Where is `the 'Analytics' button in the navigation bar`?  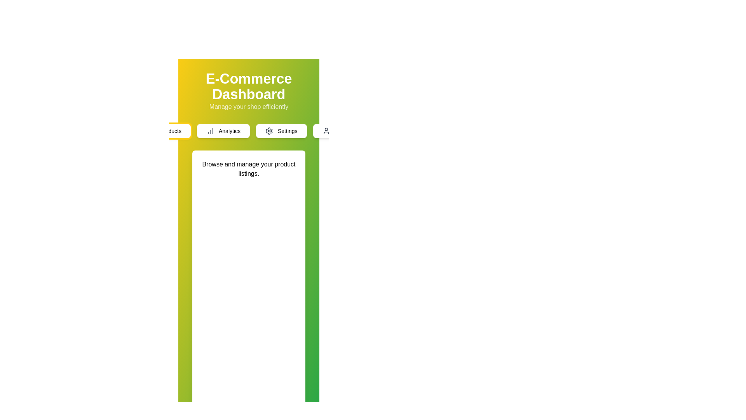
the 'Analytics' button in the navigation bar is located at coordinates (249, 130).